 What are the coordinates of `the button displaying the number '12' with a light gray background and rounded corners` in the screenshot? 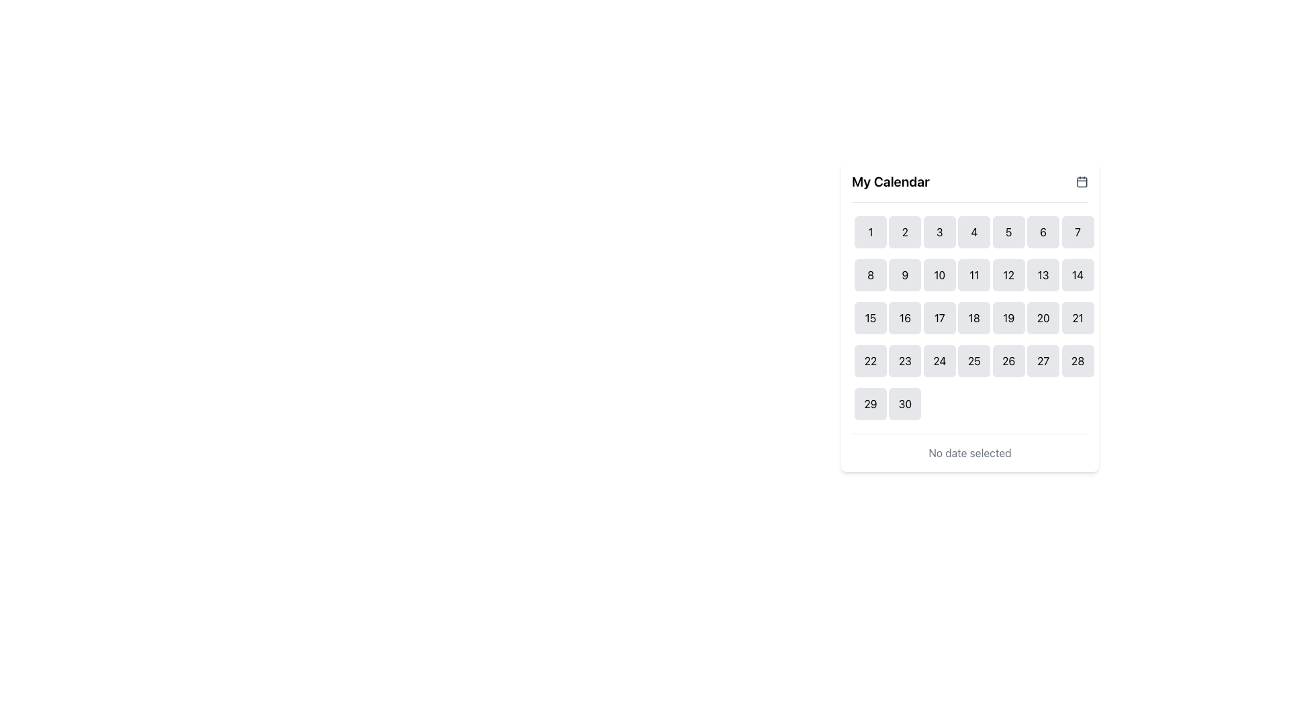 It's located at (1008, 274).